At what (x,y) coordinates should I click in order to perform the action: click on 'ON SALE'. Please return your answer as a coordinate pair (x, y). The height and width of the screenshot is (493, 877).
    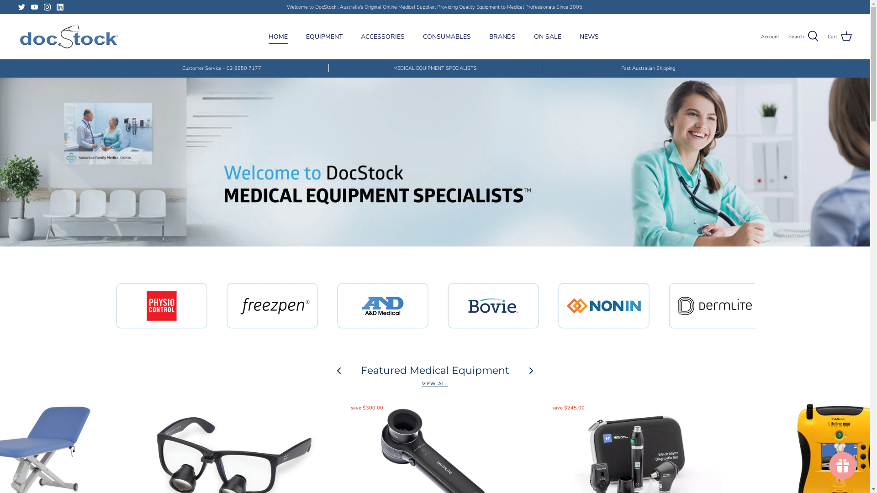
    Looking at the image, I should click on (548, 36).